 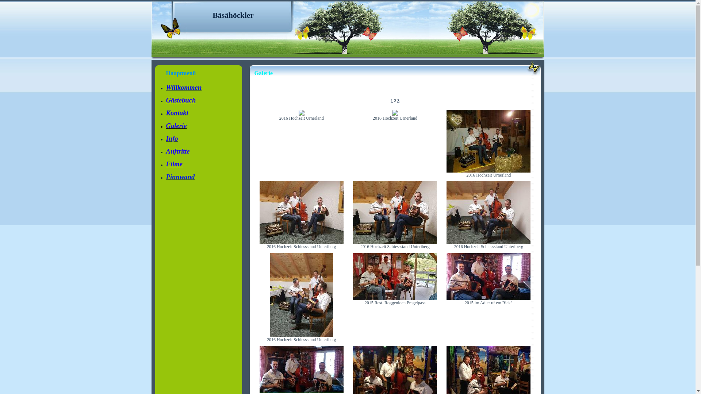 I want to click on 'Filme', so click(x=173, y=165).